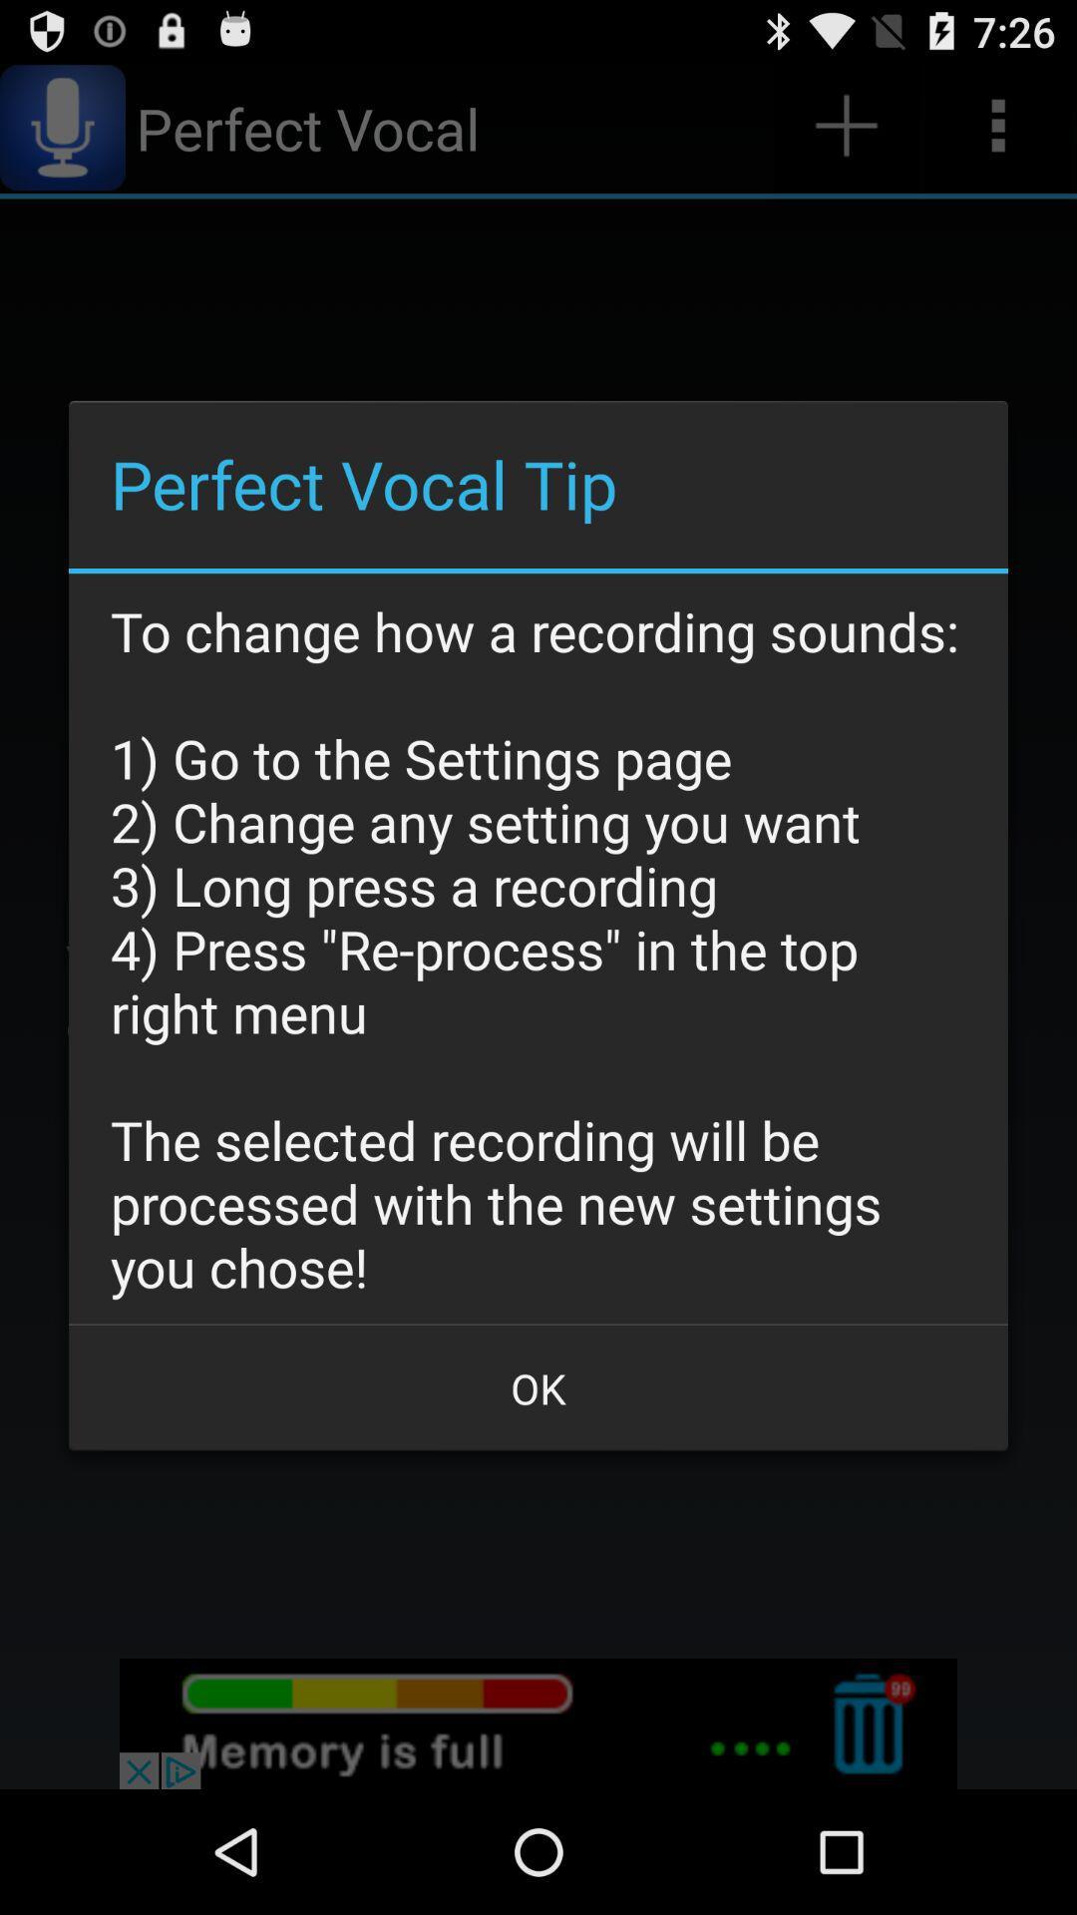 Image resolution: width=1077 pixels, height=1915 pixels. What do you see at coordinates (538, 1387) in the screenshot?
I see `the ok` at bounding box center [538, 1387].